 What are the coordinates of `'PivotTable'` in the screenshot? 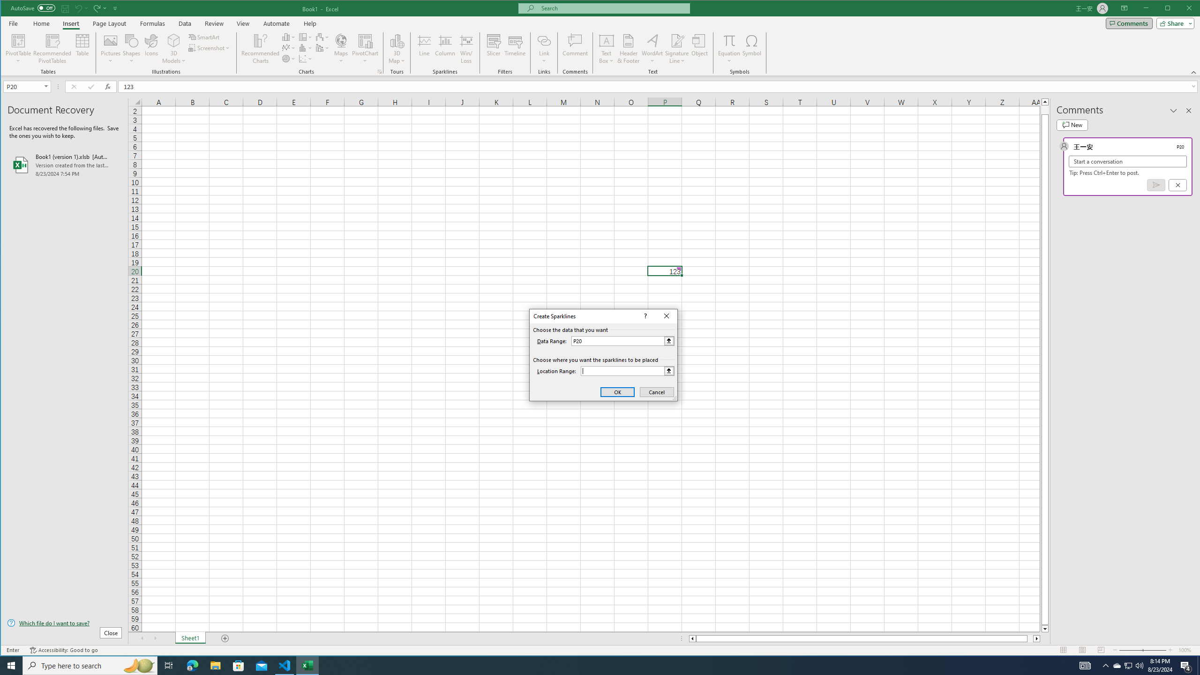 It's located at (18, 48).